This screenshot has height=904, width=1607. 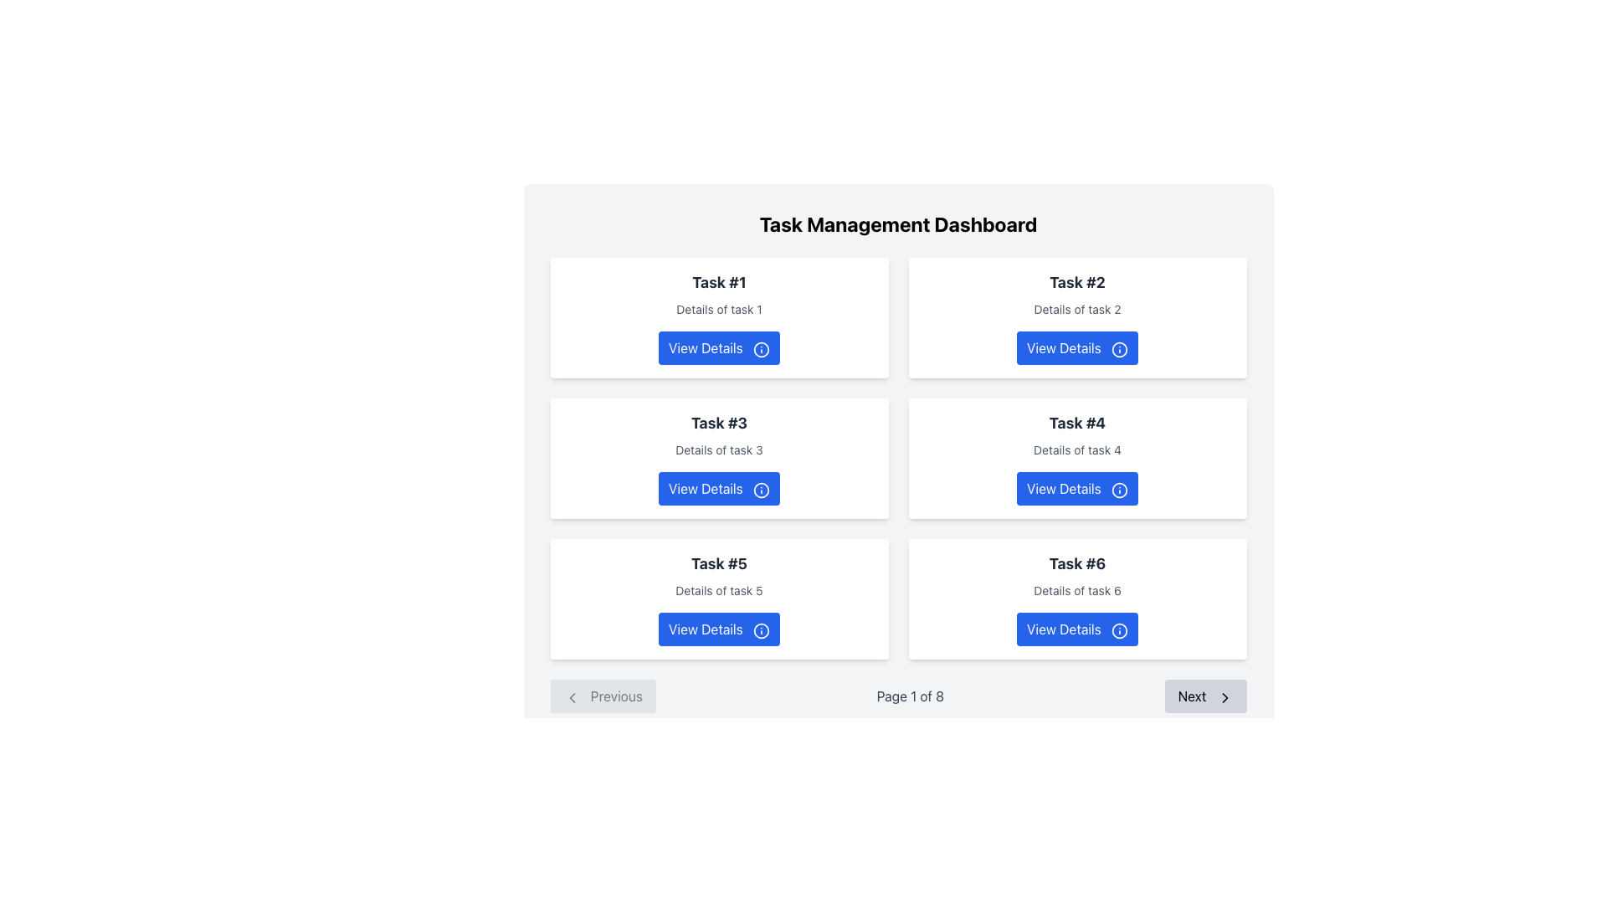 What do you see at coordinates (760, 490) in the screenshot?
I see `the circular information icon containing a question mark located to the right of the 'View Details' text in the third task card's button` at bounding box center [760, 490].